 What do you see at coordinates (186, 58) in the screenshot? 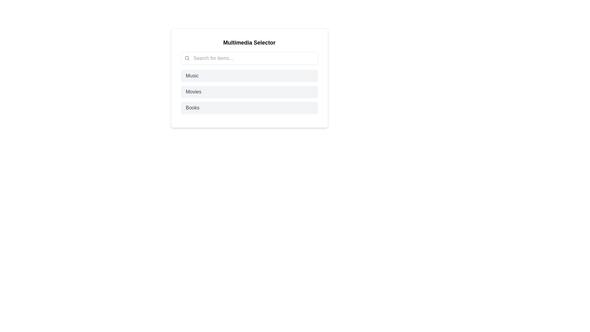
I see `the circular shape within the magnifying glass icon representing the search feature, located near the top-left corner of the search input field` at bounding box center [186, 58].